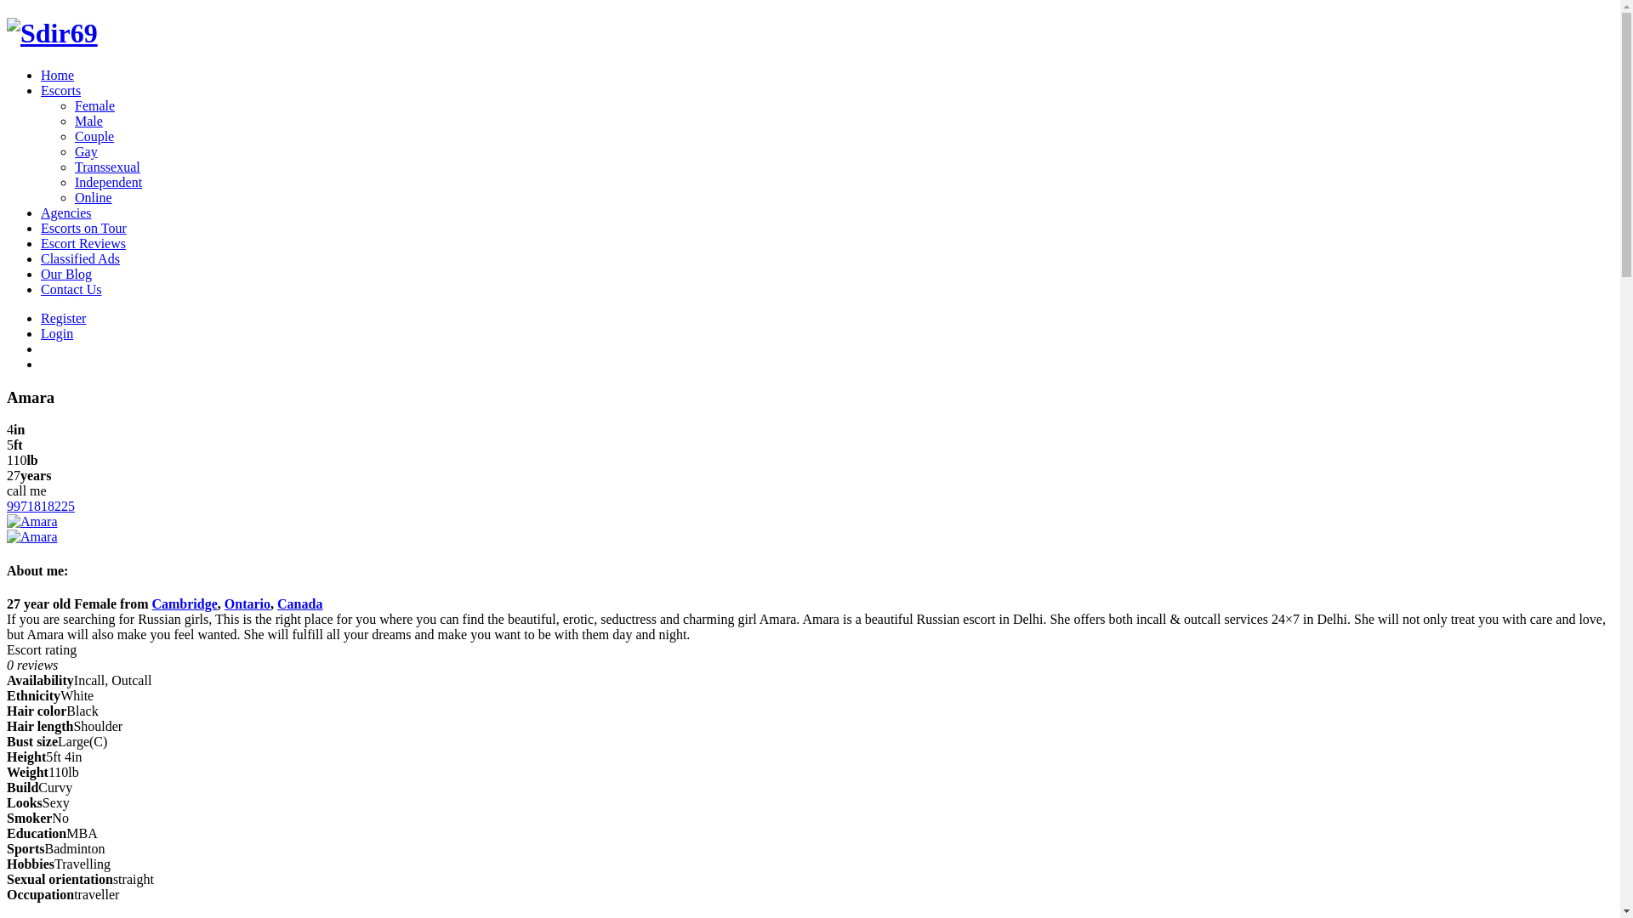  What do you see at coordinates (57, 74) in the screenshot?
I see `'Home'` at bounding box center [57, 74].